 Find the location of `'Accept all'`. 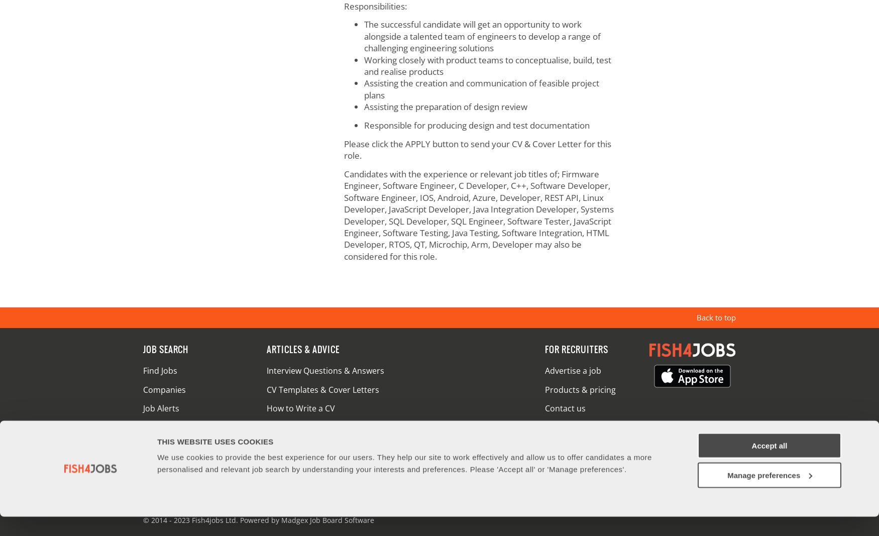

'Accept all' is located at coordinates (768, 398).